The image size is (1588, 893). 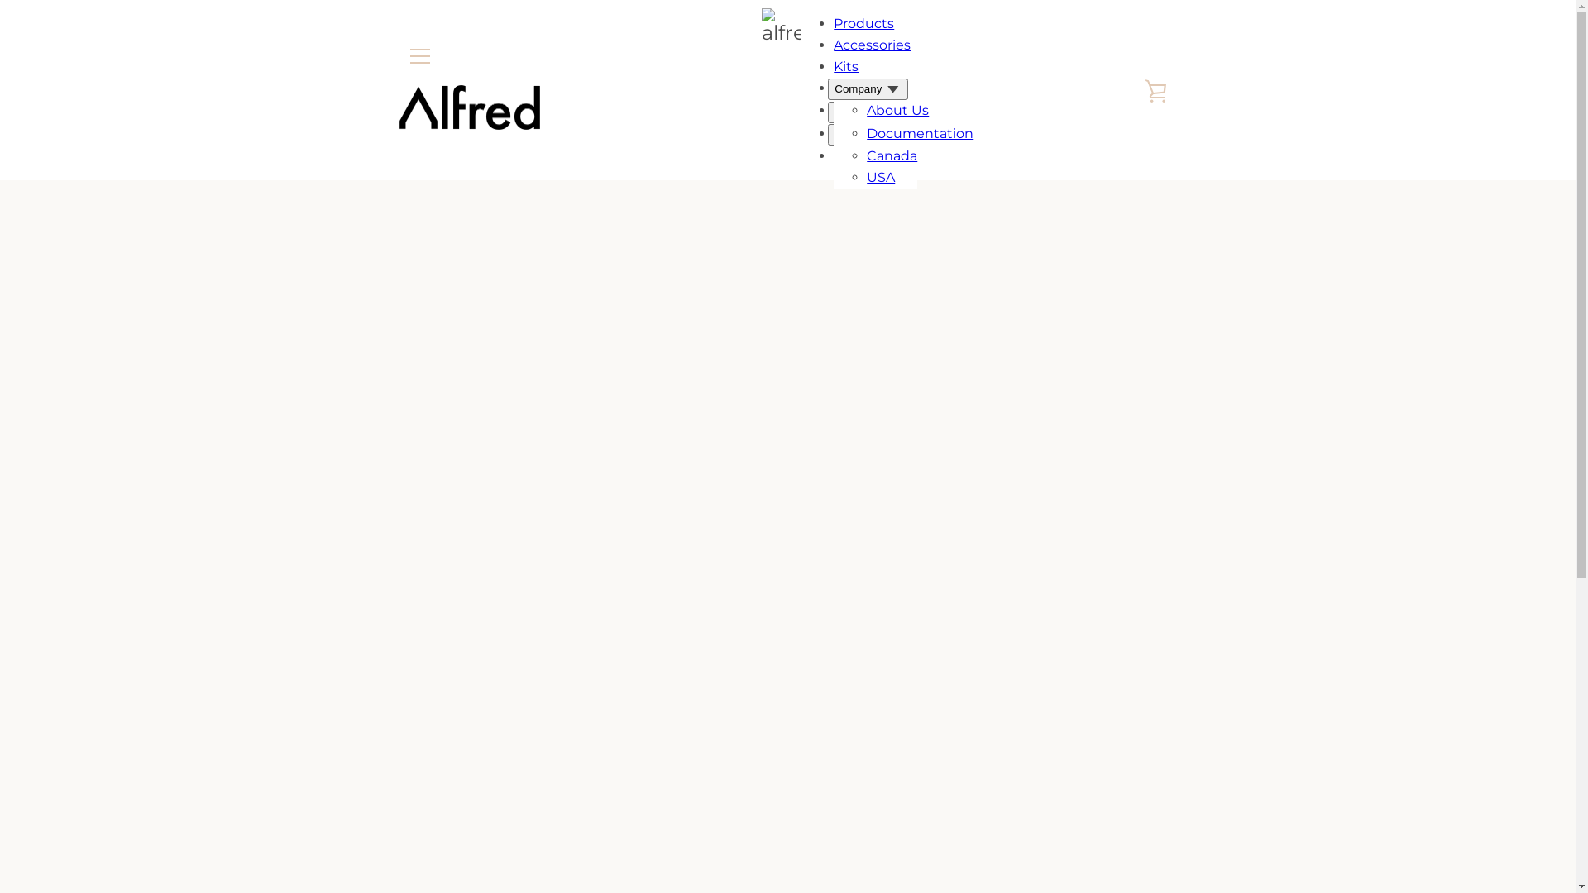 I want to click on 'USA', so click(x=880, y=177).